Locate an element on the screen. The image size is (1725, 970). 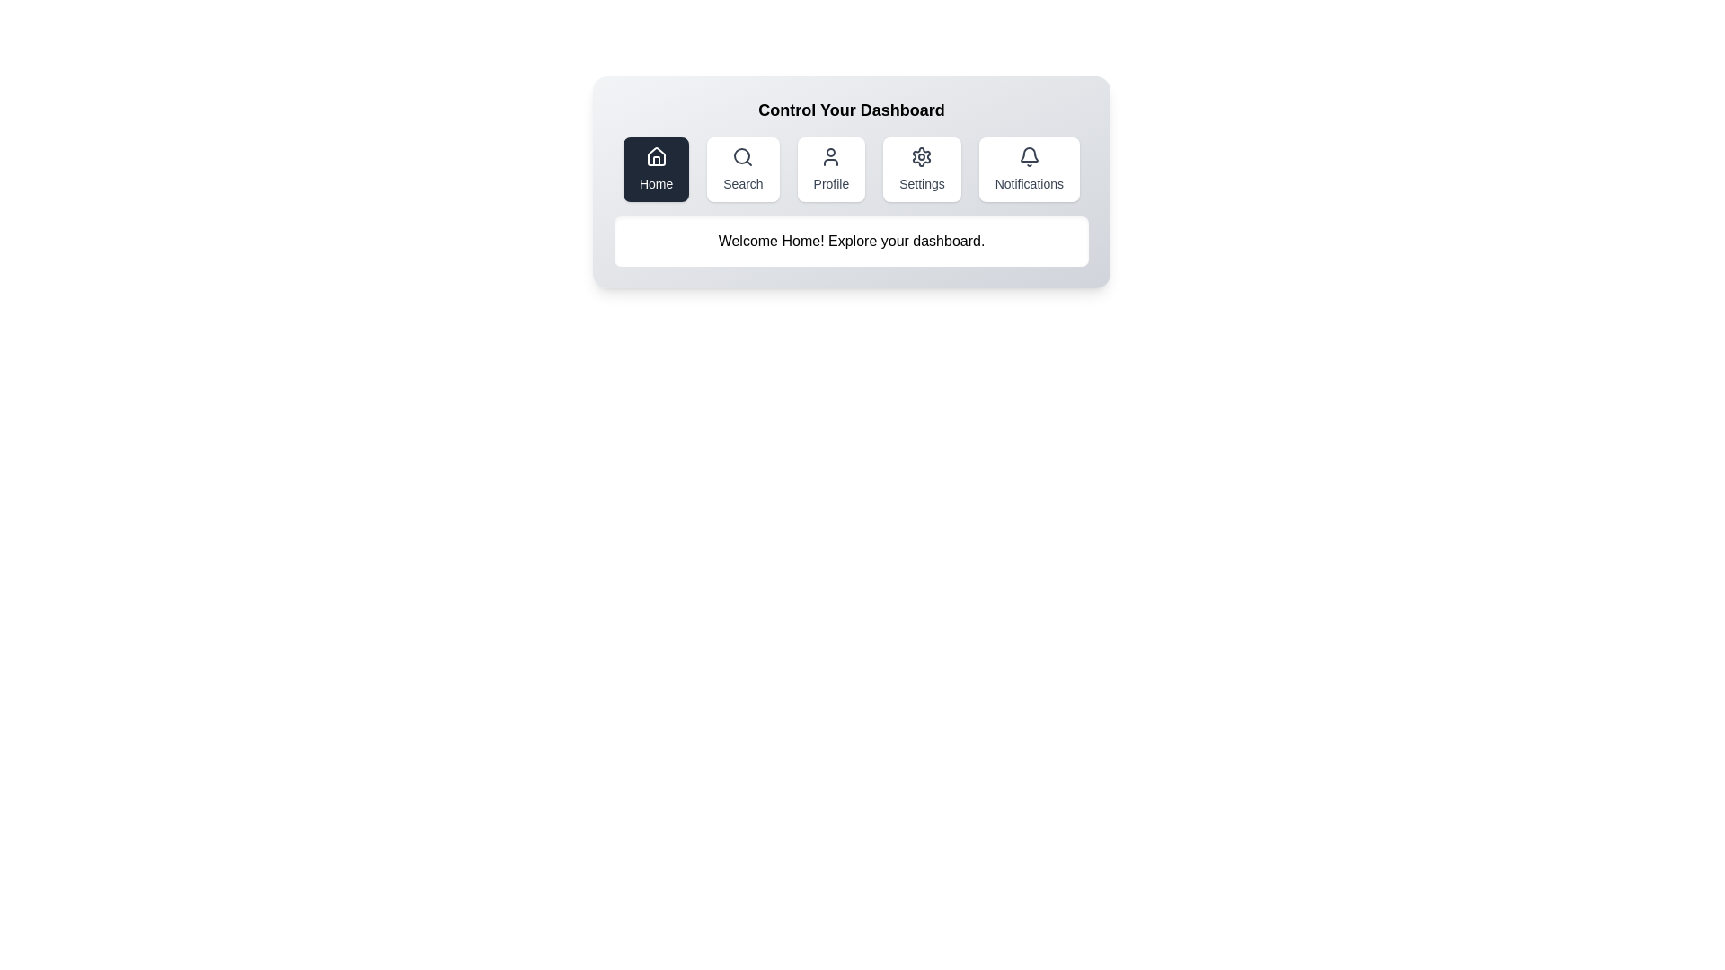
the search icon located centrally within the second button from the left is located at coordinates (743, 155).